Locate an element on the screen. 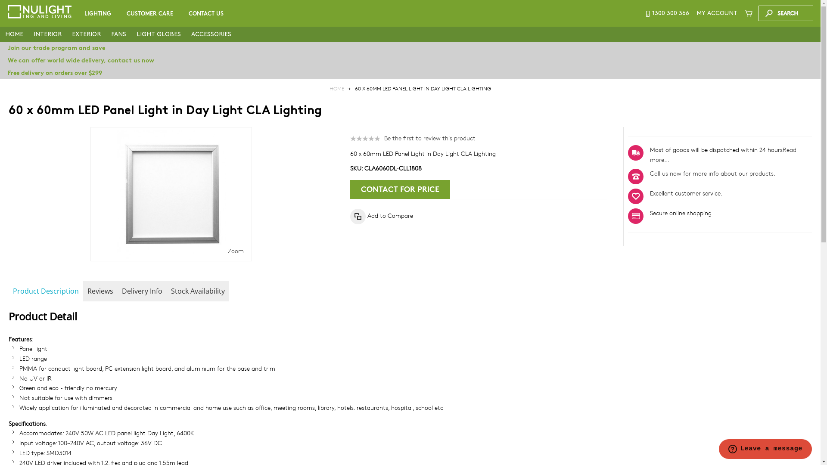 This screenshot has width=827, height=465. 'Read more...' is located at coordinates (723, 154).